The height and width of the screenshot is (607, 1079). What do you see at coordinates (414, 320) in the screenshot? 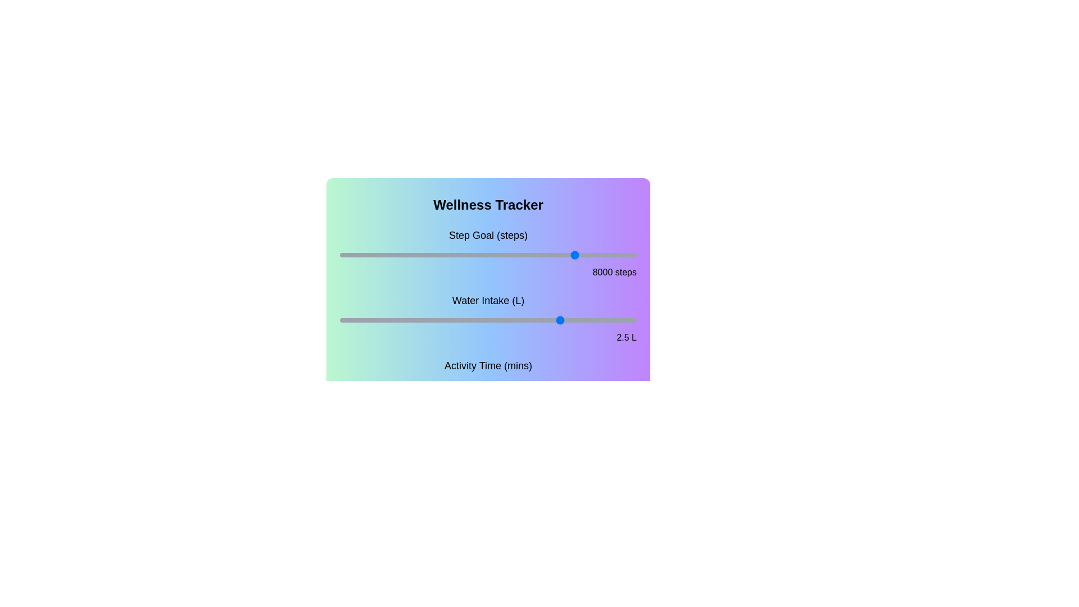
I see `the water intake slider to set the water intake to 1 liters` at bounding box center [414, 320].